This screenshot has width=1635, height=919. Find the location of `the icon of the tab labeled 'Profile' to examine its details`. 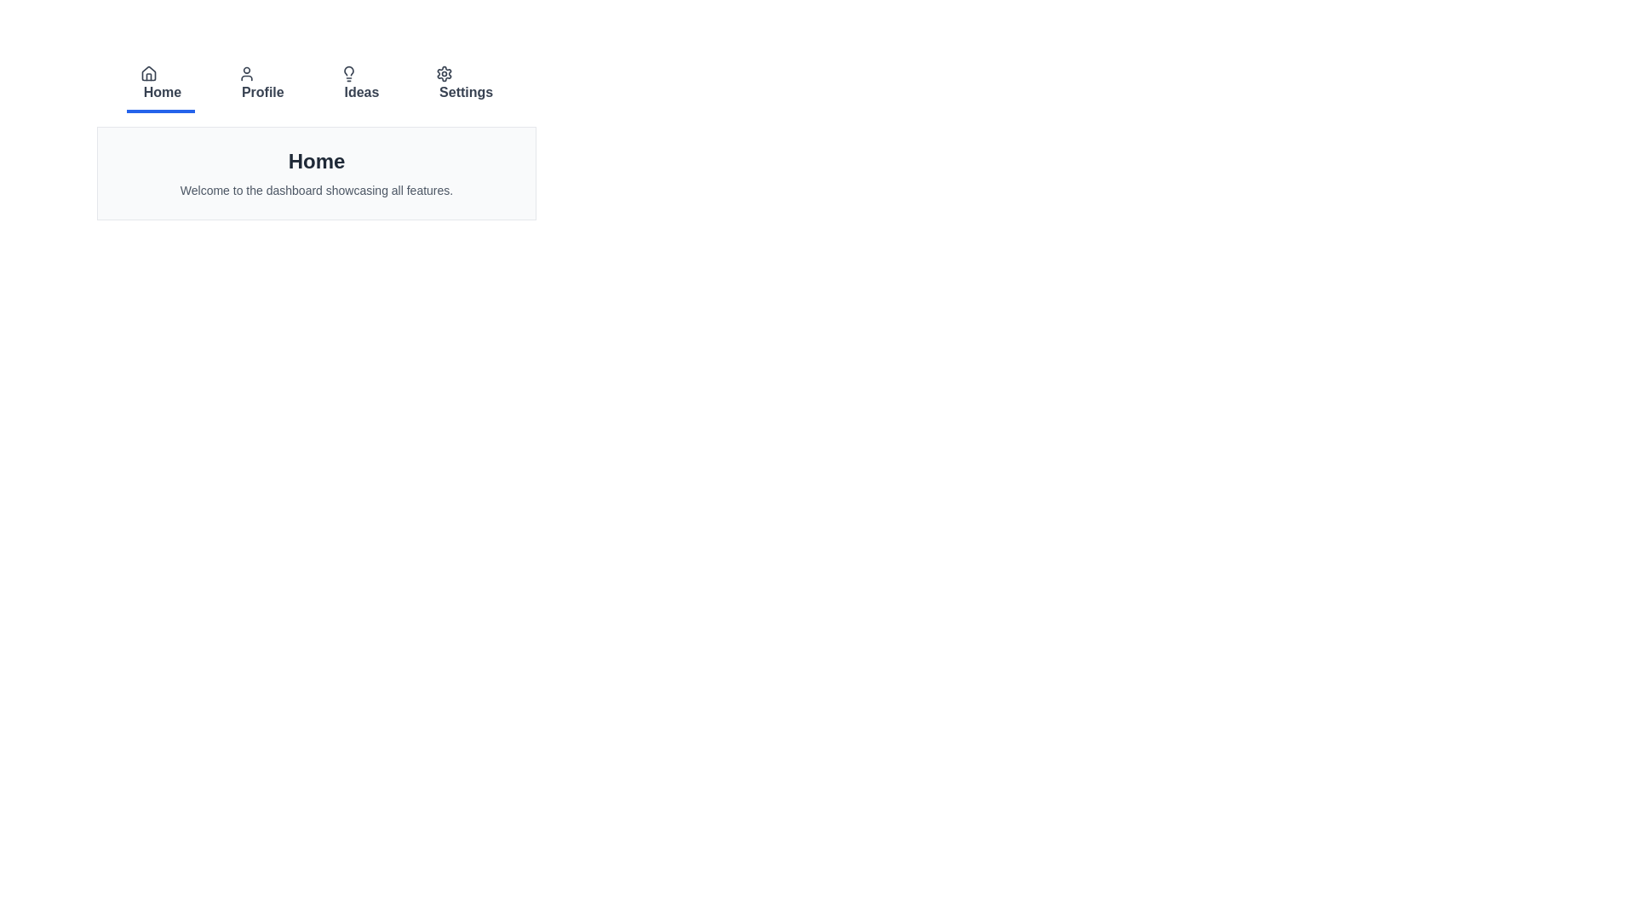

the icon of the tab labeled 'Profile' to examine its details is located at coordinates (245, 73).